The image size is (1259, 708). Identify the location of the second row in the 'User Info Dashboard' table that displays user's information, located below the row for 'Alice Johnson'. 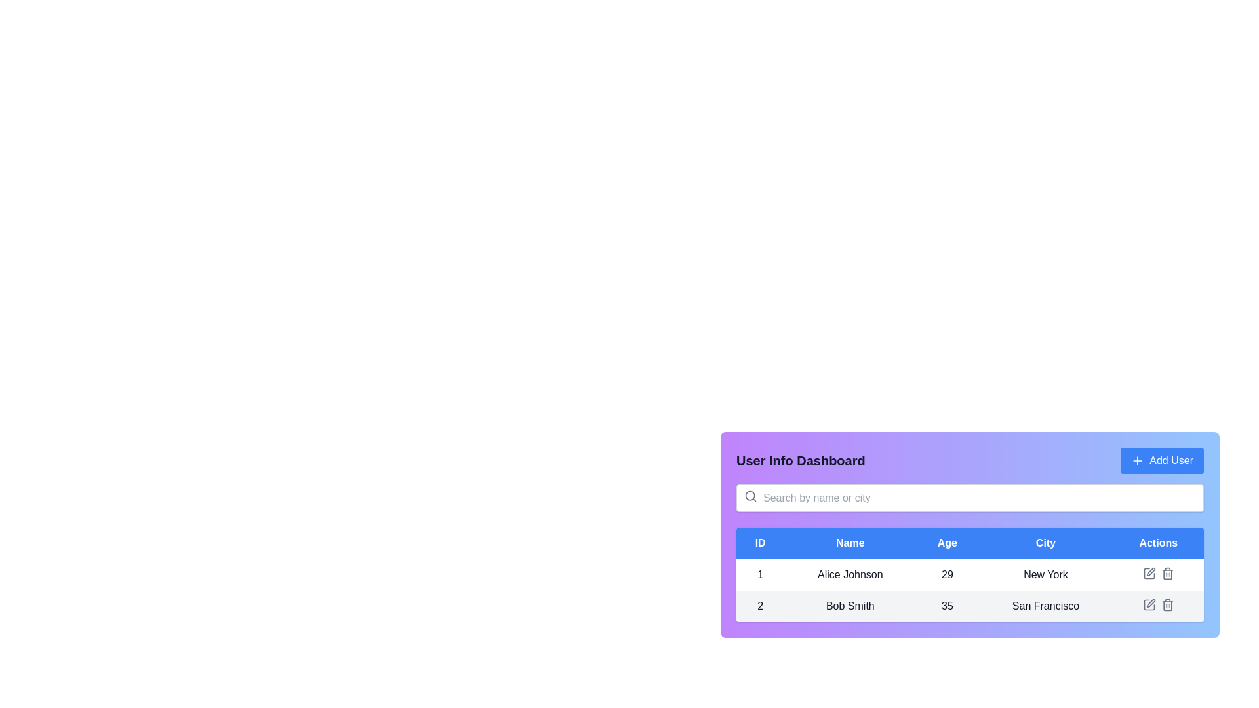
(970, 606).